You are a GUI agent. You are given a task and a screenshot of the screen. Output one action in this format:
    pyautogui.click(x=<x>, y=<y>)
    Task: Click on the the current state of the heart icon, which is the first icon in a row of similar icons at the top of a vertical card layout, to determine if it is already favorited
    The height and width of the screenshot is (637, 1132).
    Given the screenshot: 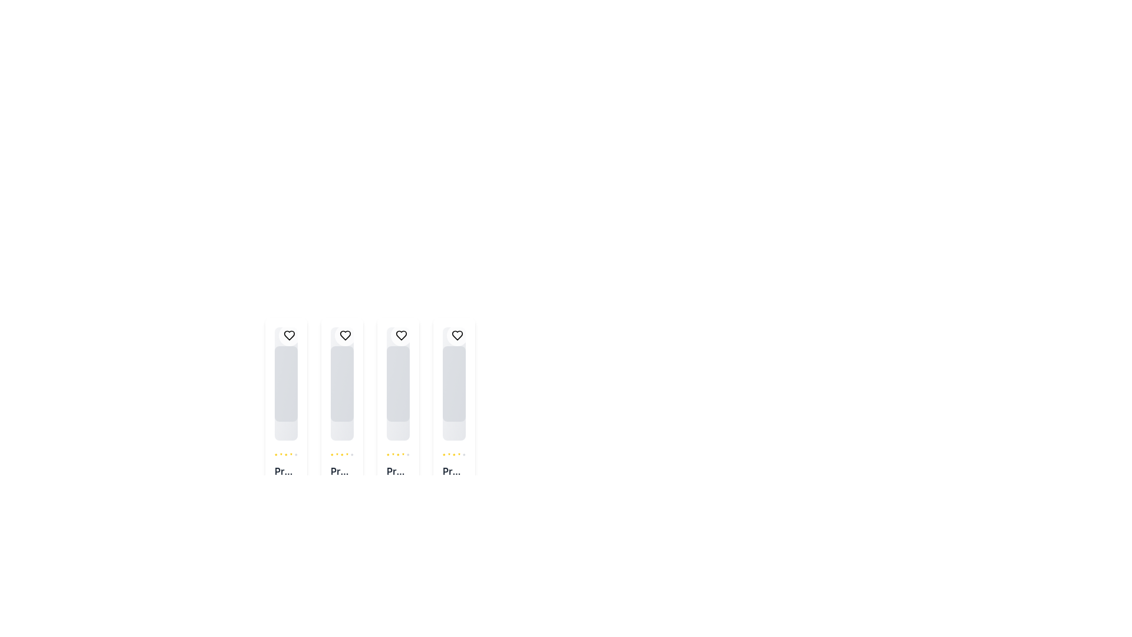 What is the action you would take?
    pyautogui.click(x=289, y=336)
    